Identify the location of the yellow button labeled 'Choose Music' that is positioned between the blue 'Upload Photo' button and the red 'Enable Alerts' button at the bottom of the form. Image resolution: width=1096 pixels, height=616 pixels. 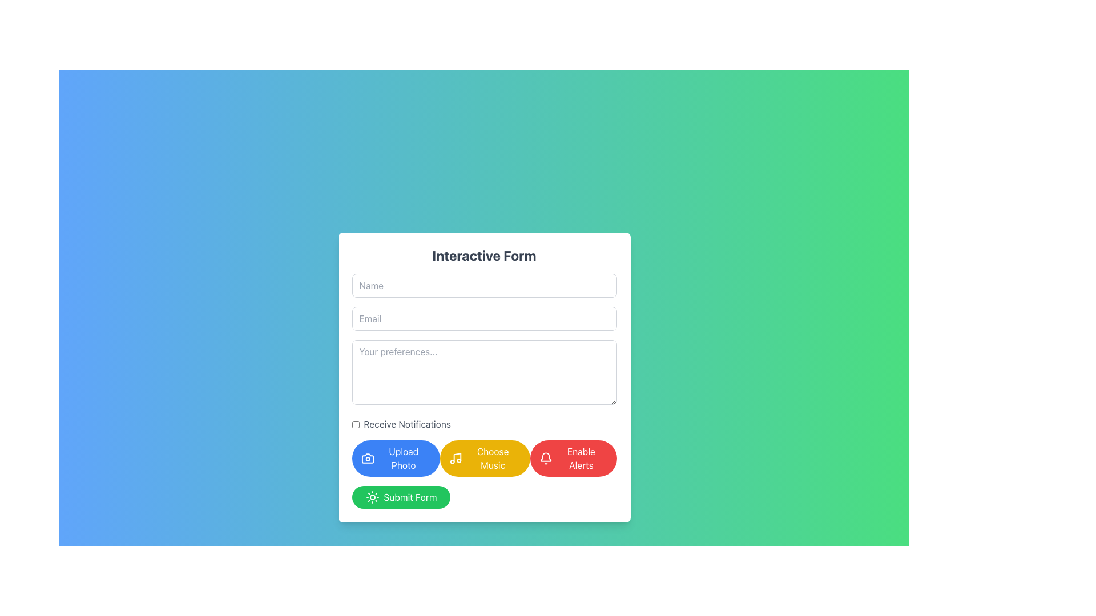
(485, 457).